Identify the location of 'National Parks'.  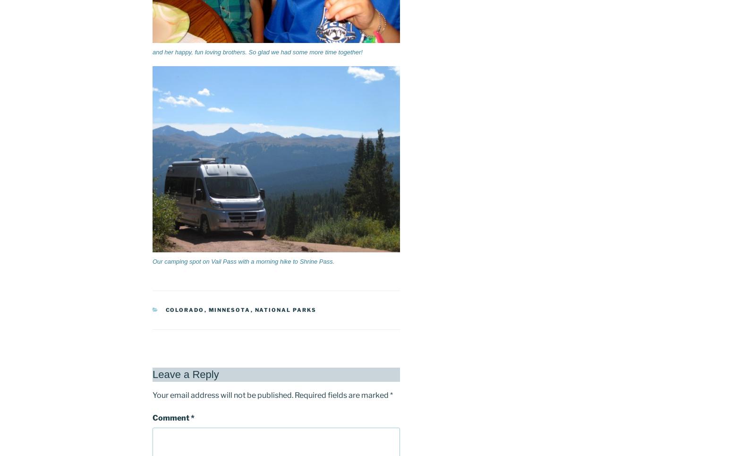
(254, 310).